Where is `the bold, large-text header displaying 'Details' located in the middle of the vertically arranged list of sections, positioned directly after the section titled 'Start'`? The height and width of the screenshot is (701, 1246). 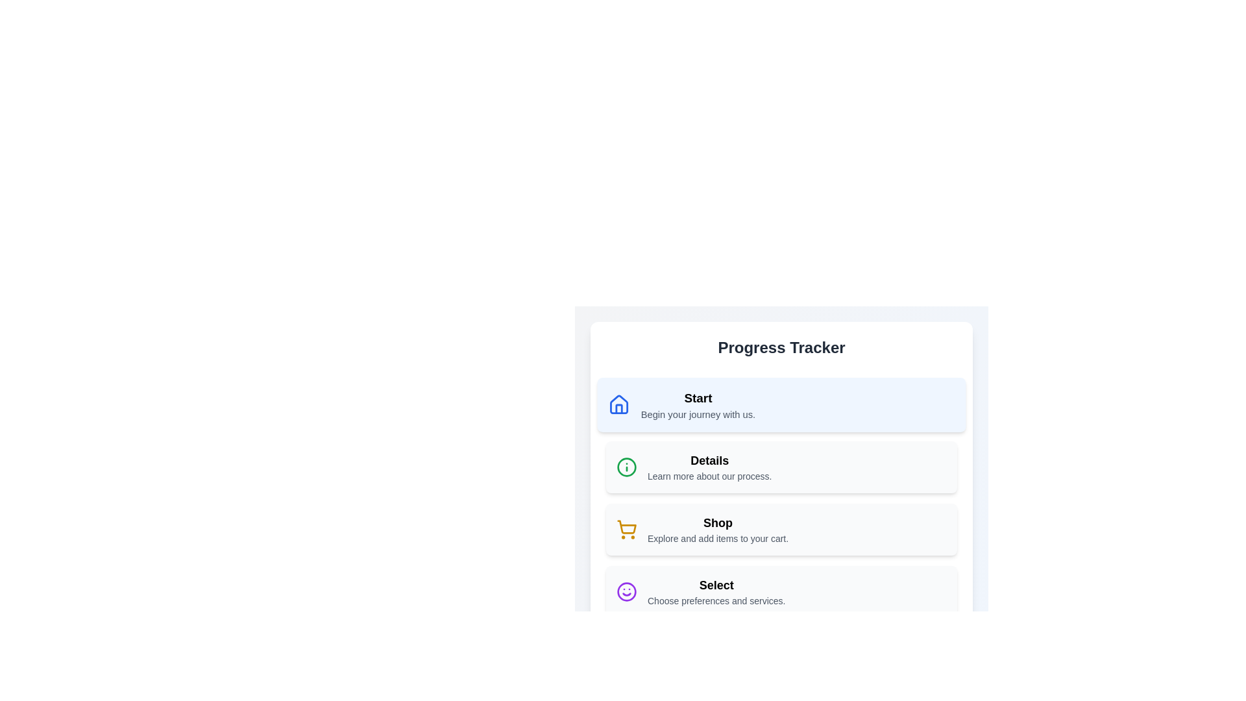
the bold, large-text header displaying 'Details' located in the middle of the vertically arranged list of sections, positioned directly after the section titled 'Start' is located at coordinates (709, 460).